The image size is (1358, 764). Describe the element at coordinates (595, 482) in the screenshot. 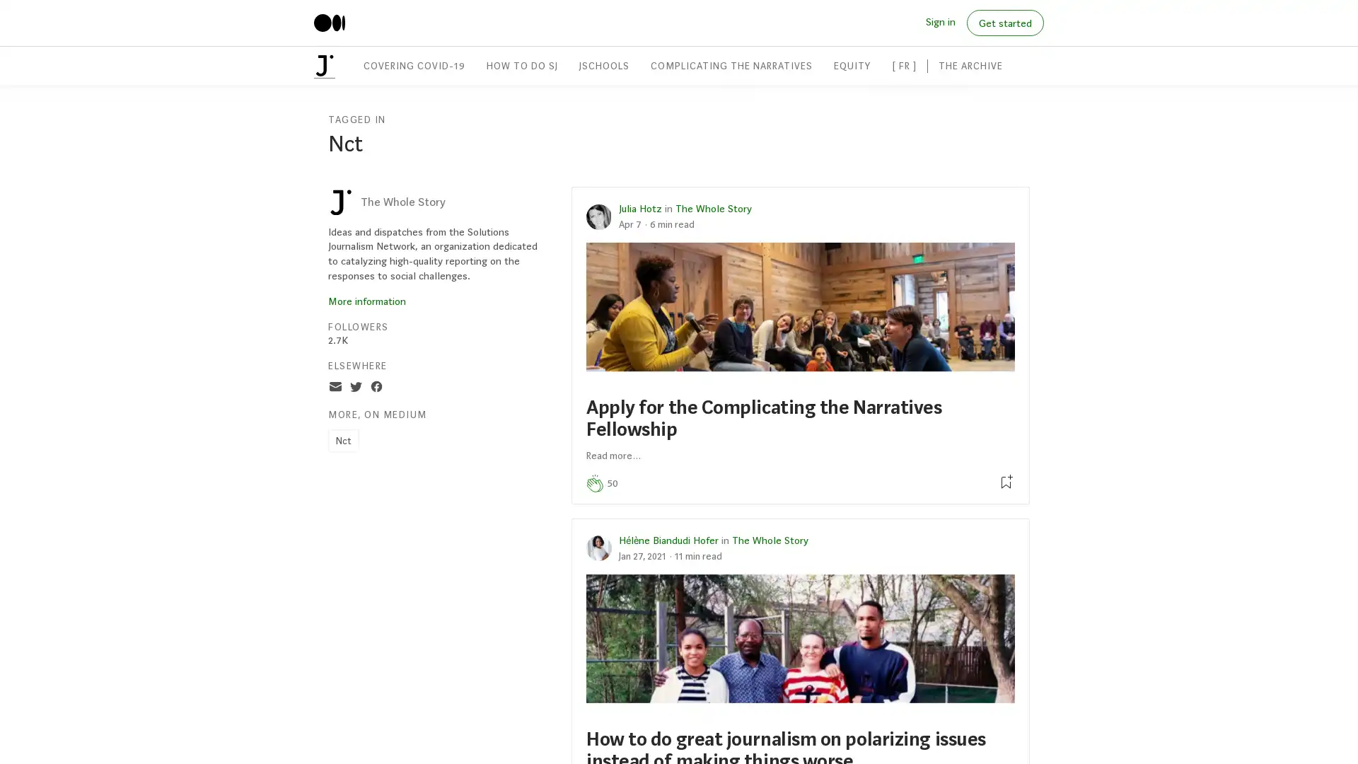

I see `Clap` at that location.